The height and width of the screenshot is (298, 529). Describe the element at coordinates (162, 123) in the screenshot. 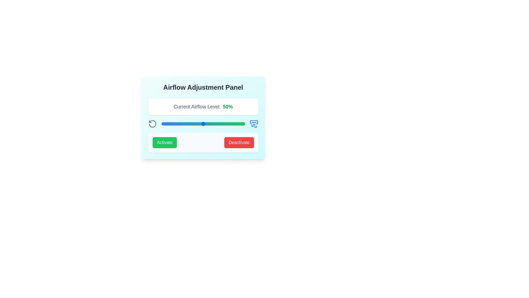

I see `the airflow level to 1% by moving the slider` at that location.